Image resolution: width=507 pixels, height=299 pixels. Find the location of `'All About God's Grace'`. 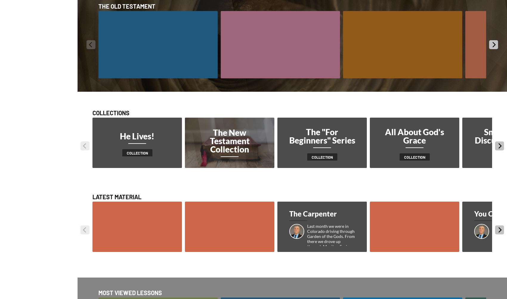

'All About God's Grace' is located at coordinates (414, 136).